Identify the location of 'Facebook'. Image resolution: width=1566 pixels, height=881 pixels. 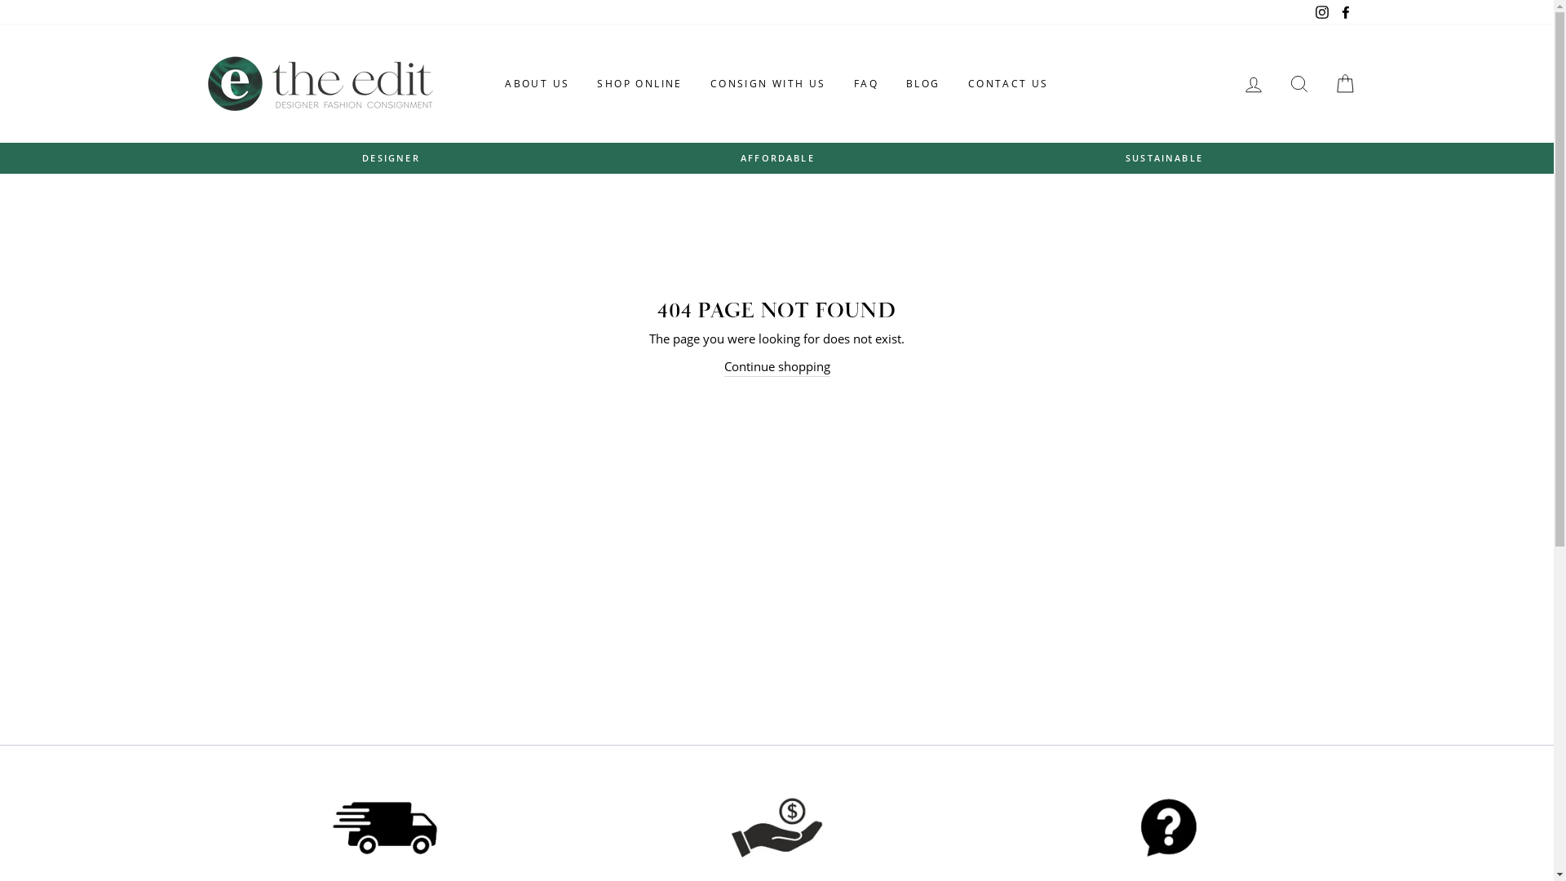
(1345, 12).